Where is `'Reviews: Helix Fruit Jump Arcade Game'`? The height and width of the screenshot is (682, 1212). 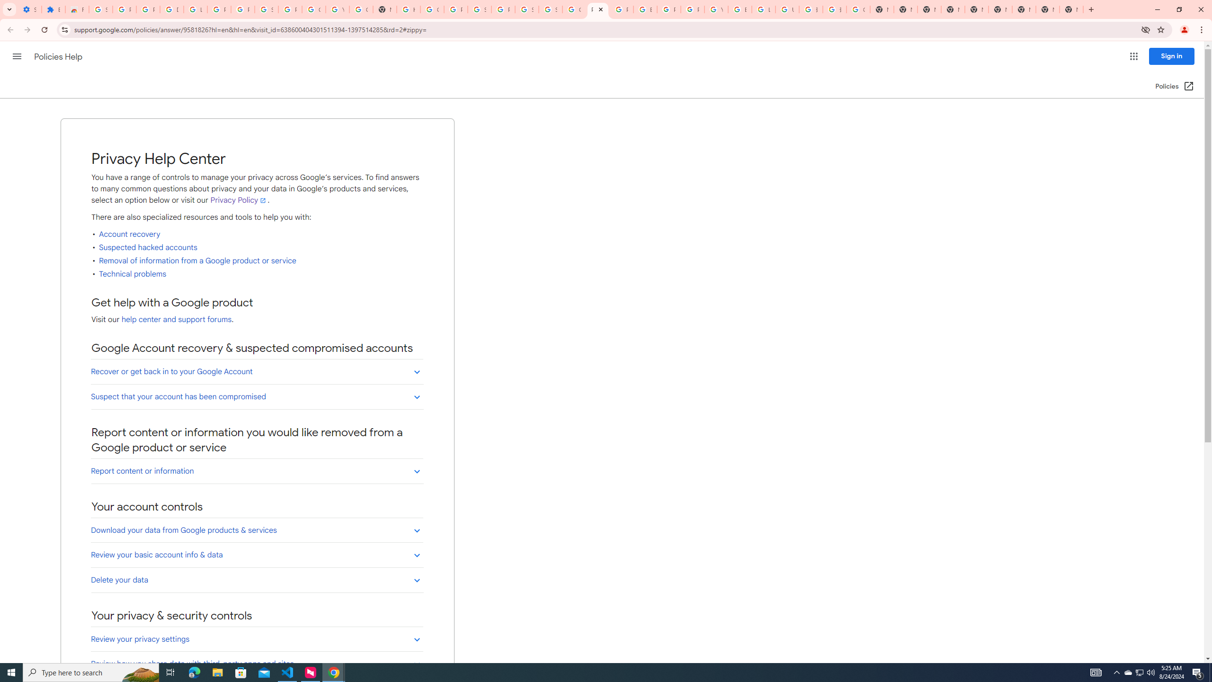
'Reviews: Helix Fruit Jump Arcade Game' is located at coordinates (77, 9).